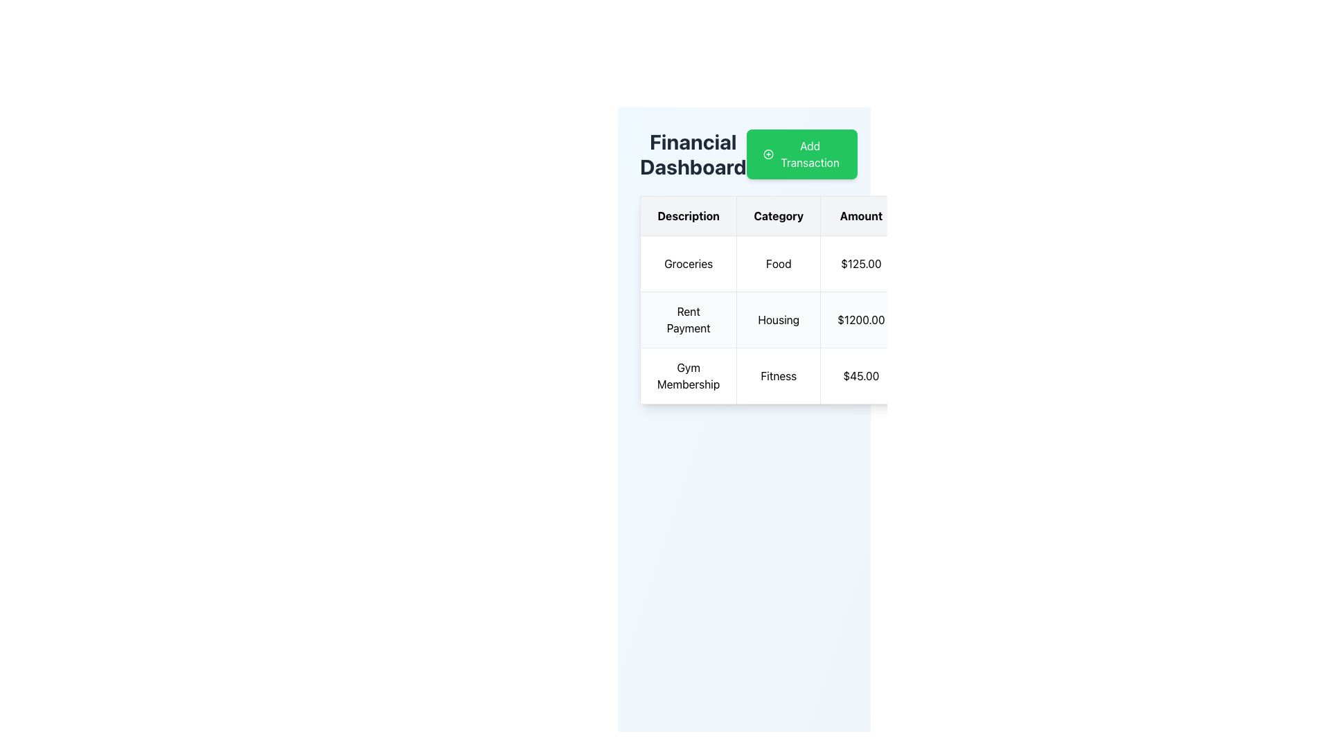 The height and width of the screenshot is (748, 1330). Describe the element at coordinates (779, 320) in the screenshot. I see `or copy the text 'Housing' from the second cell in the second row of the table under the 'Category' column` at that location.